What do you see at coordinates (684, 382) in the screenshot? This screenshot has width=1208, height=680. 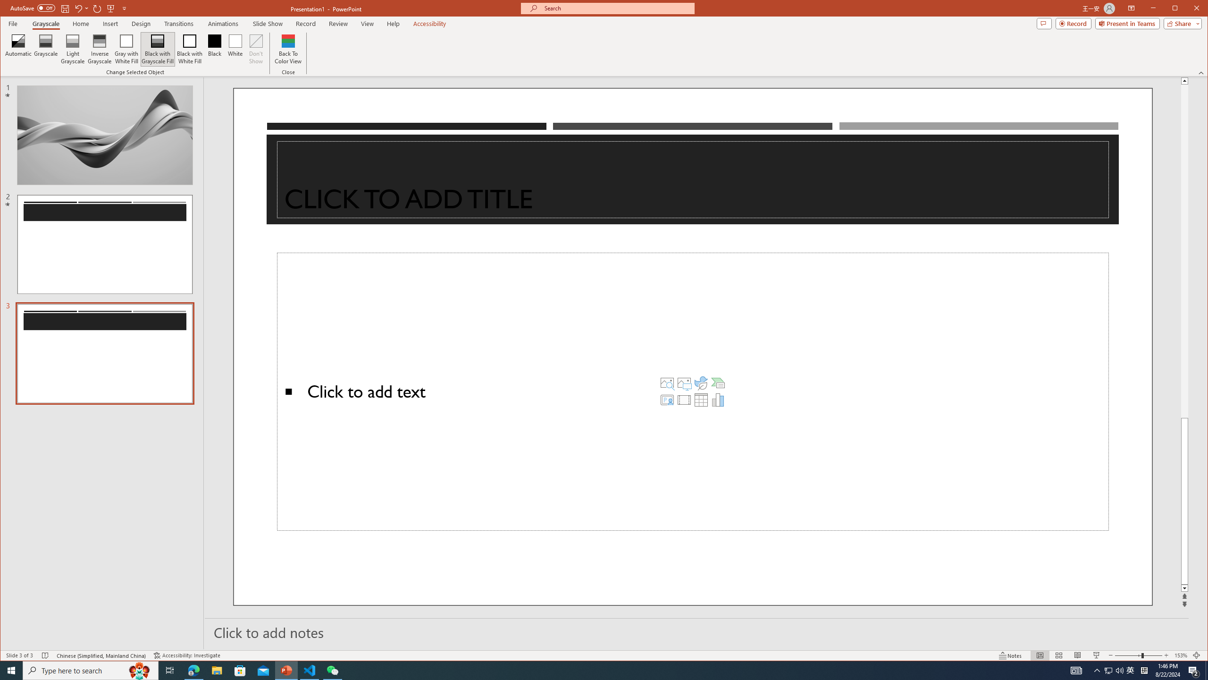 I see `'Pictures'` at bounding box center [684, 382].